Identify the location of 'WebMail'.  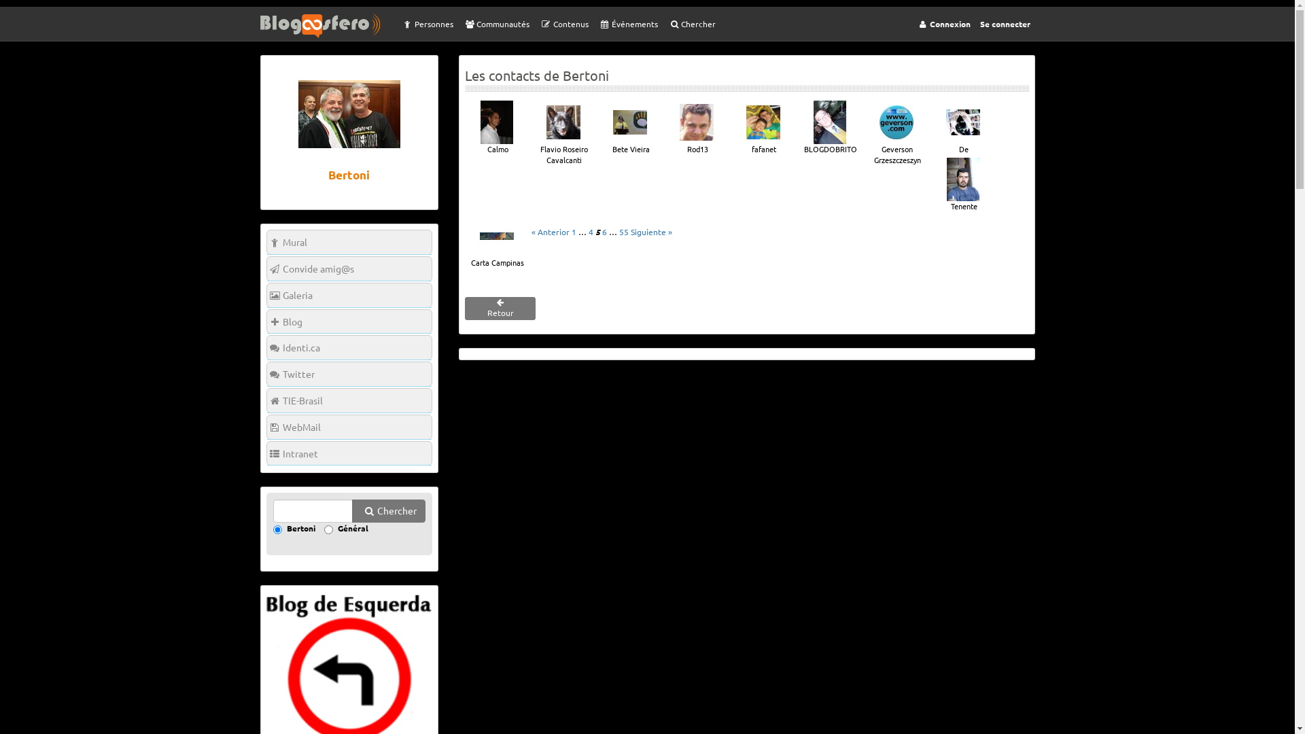
(349, 426).